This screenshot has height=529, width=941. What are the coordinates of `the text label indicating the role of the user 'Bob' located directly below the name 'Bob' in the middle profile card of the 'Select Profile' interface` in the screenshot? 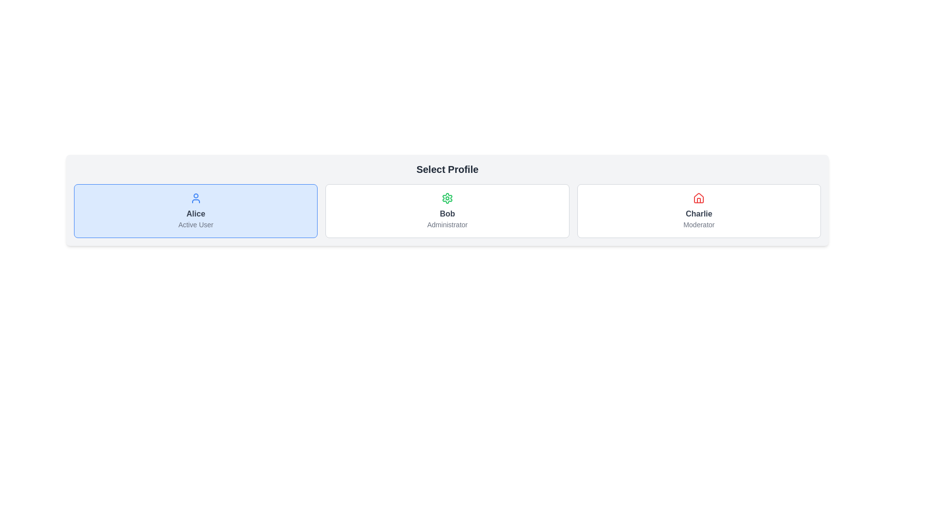 It's located at (446, 225).